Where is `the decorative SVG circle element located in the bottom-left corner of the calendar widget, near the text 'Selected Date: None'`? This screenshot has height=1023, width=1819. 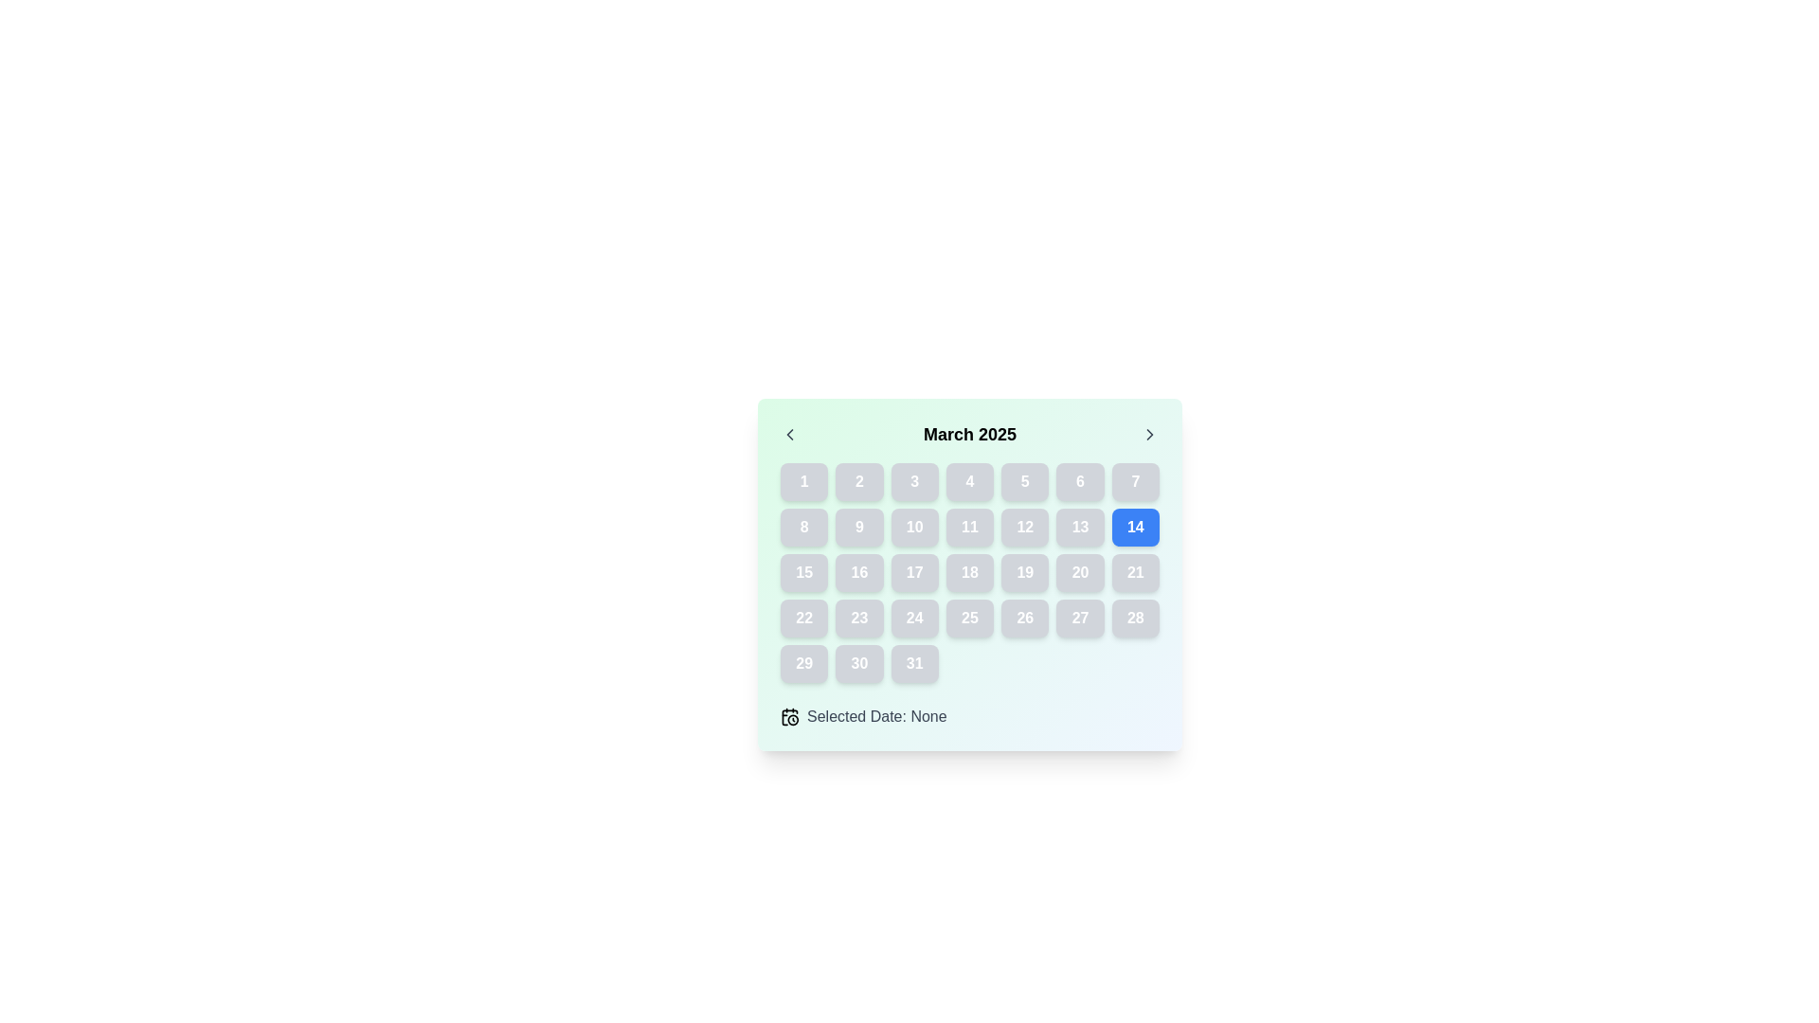
the decorative SVG circle element located in the bottom-left corner of the calendar widget, near the text 'Selected Date: None' is located at coordinates (793, 720).